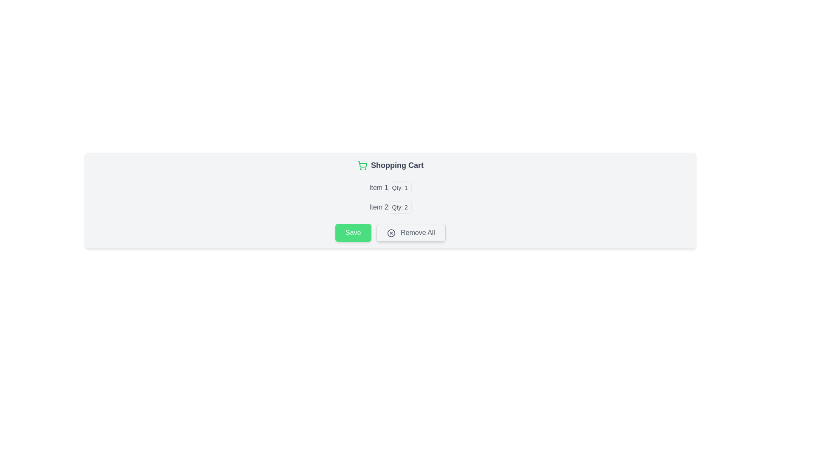 The width and height of the screenshot is (815, 458). What do you see at coordinates (411, 232) in the screenshot?
I see `the 'Remove All' button to change its background color` at bounding box center [411, 232].